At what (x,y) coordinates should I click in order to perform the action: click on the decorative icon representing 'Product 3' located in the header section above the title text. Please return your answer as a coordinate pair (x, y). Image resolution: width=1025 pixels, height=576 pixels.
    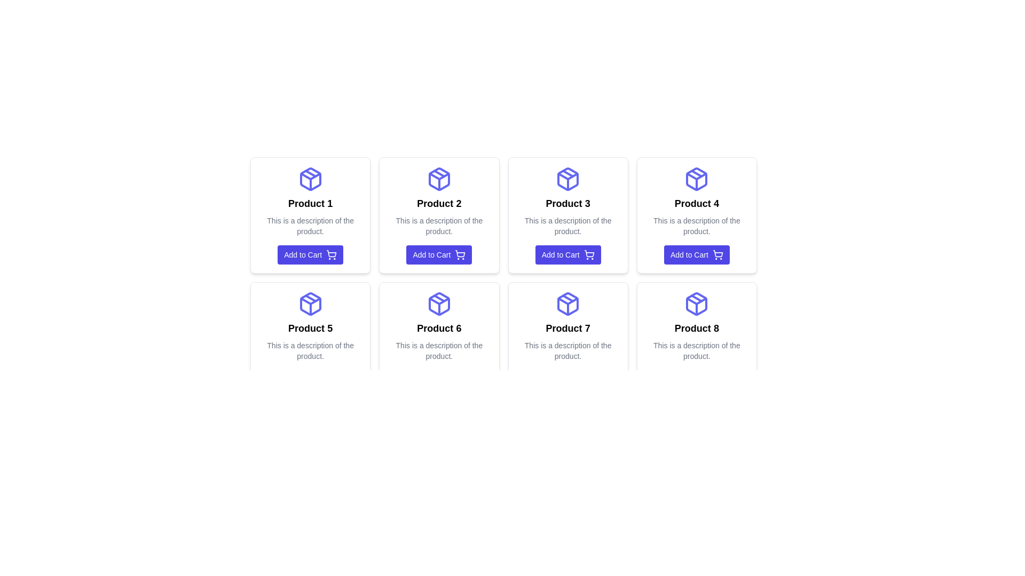
    Looking at the image, I should click on (567, 178).